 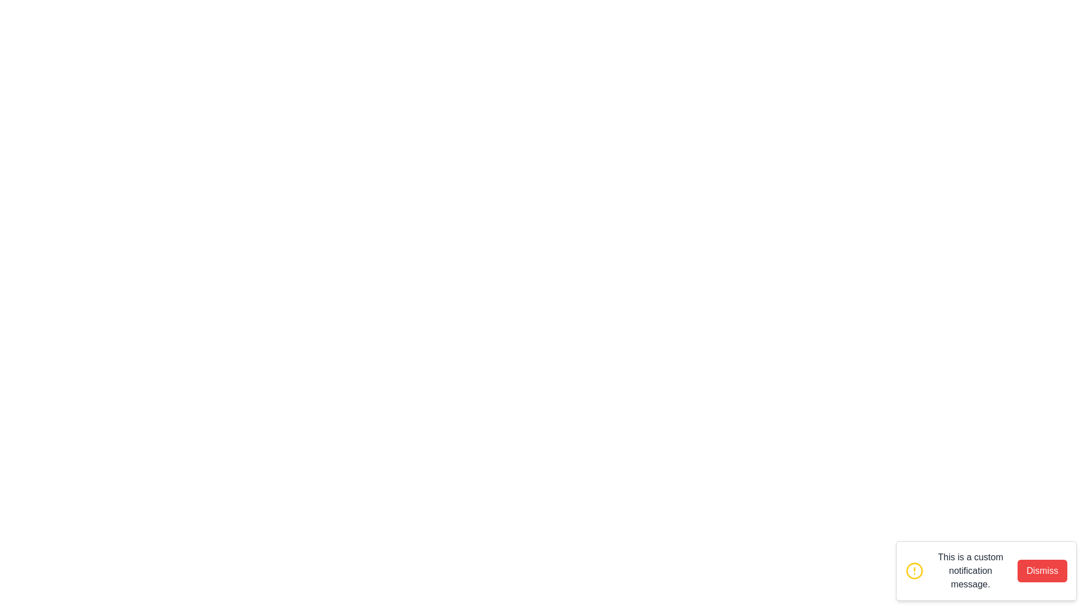 What do you see at coordinates (970, 570) in the screenshot?
I see `the notification message text block that informs the user about a custom event or update within the application` at bounding box center [970, 570].